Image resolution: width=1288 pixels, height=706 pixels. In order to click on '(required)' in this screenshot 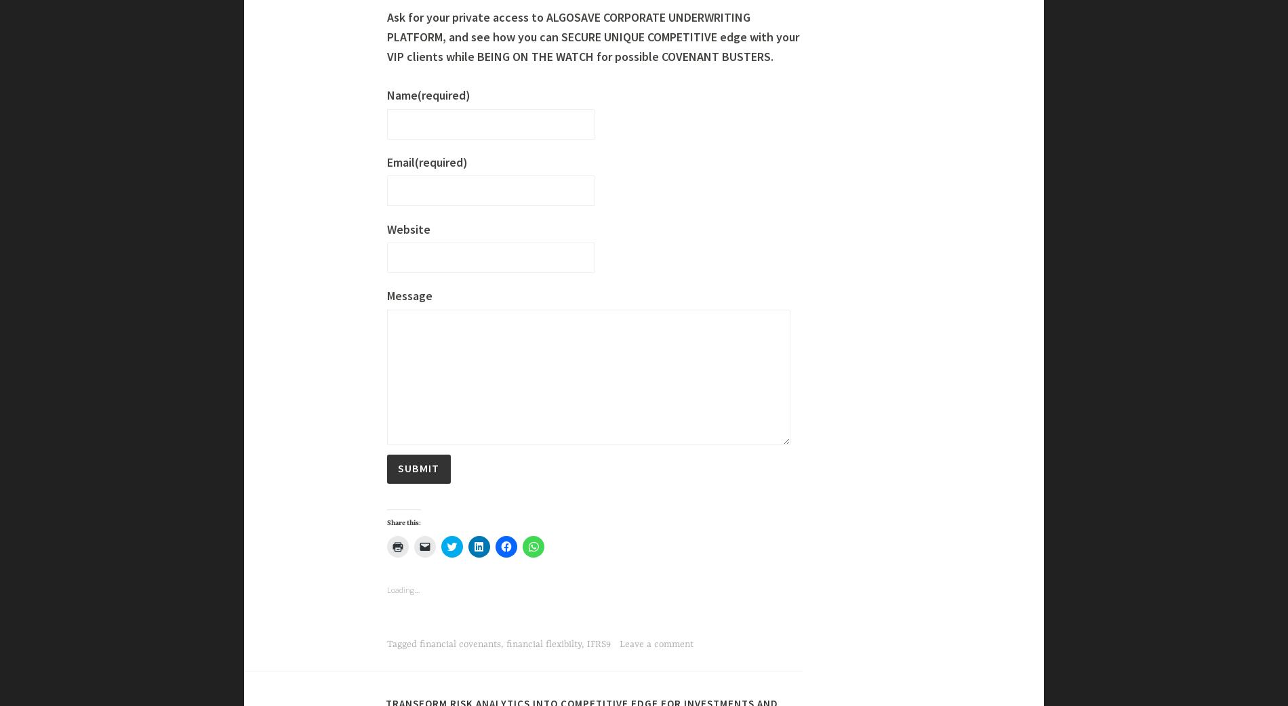, I will do `click(443, 657)`.